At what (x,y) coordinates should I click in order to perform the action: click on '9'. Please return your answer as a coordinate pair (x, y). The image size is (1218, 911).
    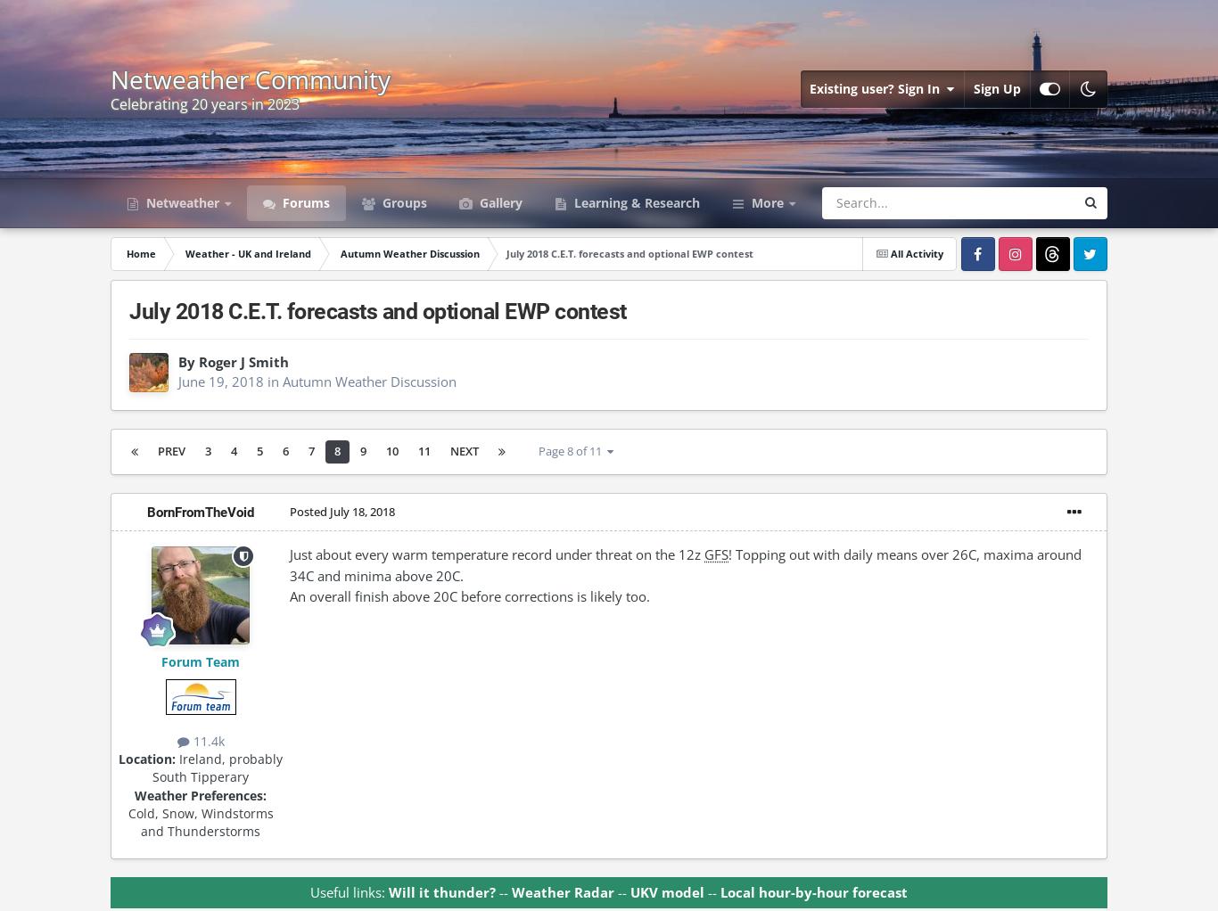
    Looking at the image, I should click on (362, 451).